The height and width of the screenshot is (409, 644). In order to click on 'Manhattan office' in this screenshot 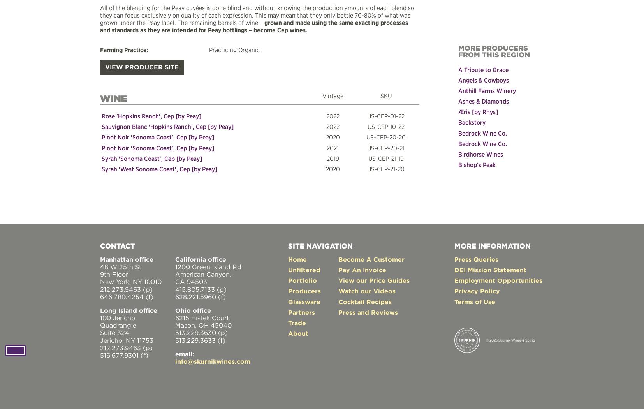, I will do `click(126, 258)`.